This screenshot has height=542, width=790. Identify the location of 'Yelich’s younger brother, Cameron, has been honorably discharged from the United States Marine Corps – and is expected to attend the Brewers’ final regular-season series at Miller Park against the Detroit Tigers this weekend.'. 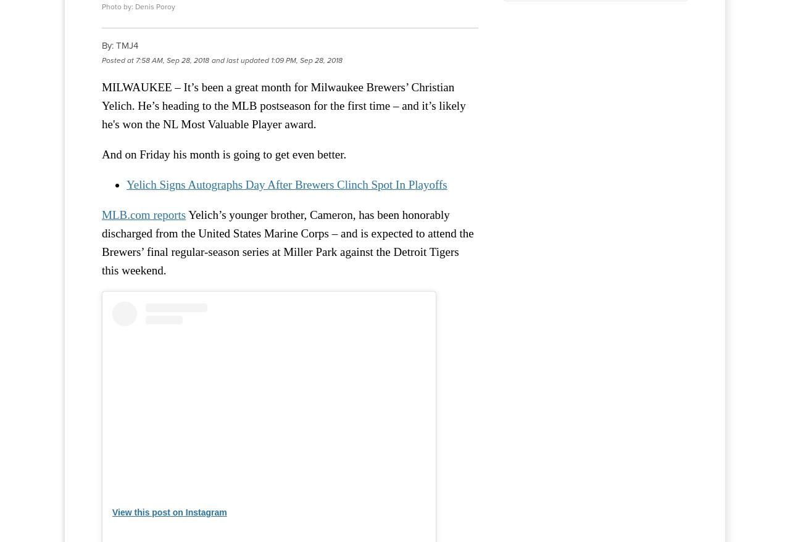
(287, 242).